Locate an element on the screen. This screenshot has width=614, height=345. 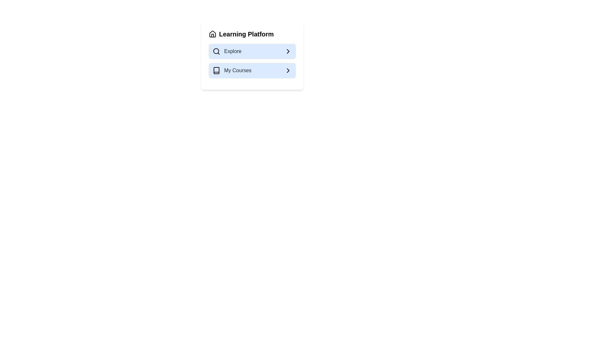
the right-pointing arrow icon in the 'My Courses' section of the navigation menu, which is positioned next to the text 'My Courses' is located at coordinates (288, 70).